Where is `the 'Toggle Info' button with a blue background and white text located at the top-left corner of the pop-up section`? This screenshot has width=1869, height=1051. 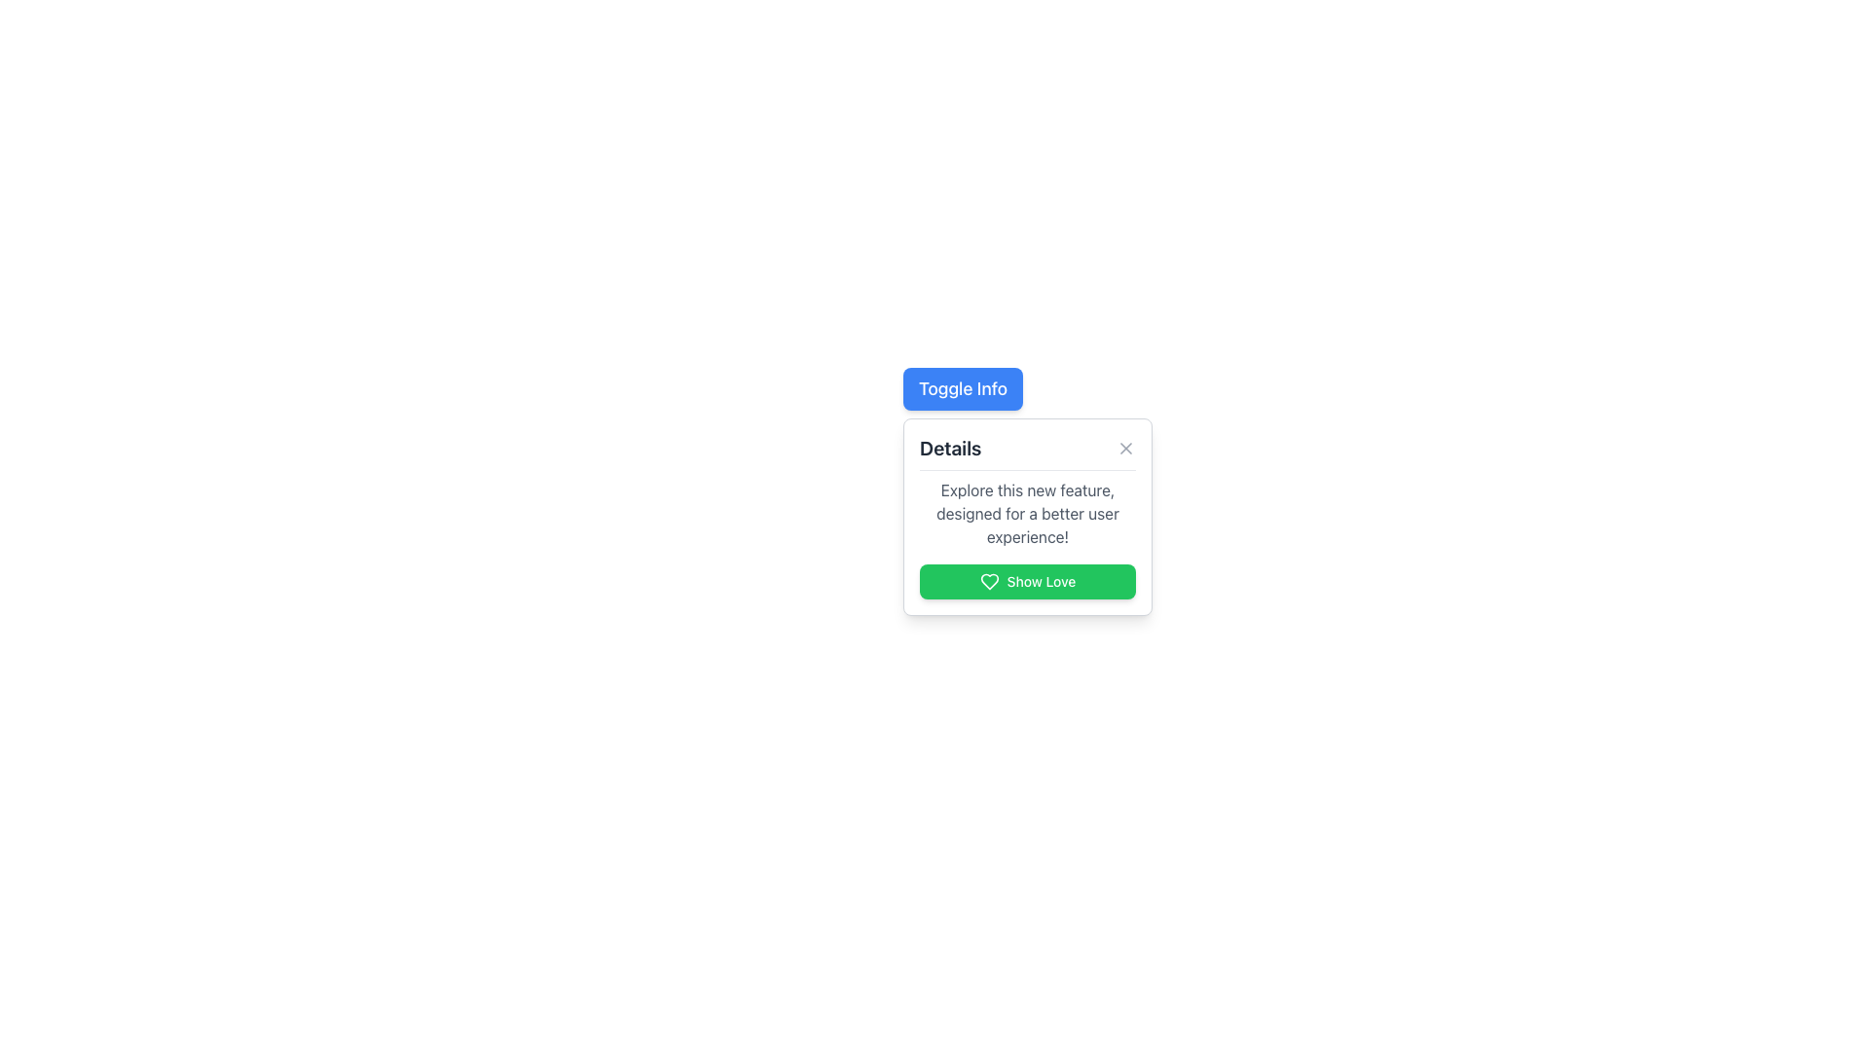
the 'Toggle Info' button with a blue background and white text located at the top-left corner of the pop-up section is located at coordinates (963, 389).